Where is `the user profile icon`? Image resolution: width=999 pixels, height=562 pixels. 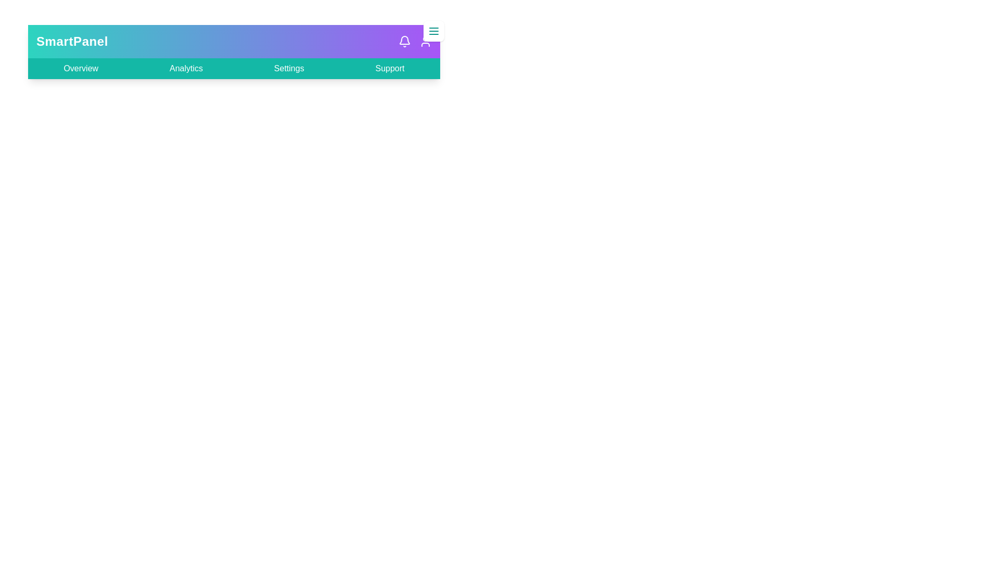 the user profile icon is located at coordinates (425, 41).